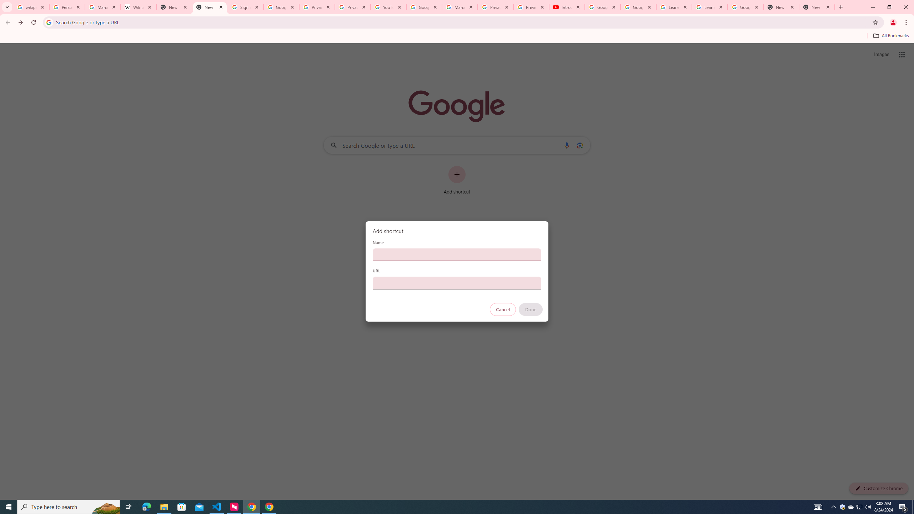 This screenshot has width=914, height=514. I want to click on 'URL', so click(457, 283).